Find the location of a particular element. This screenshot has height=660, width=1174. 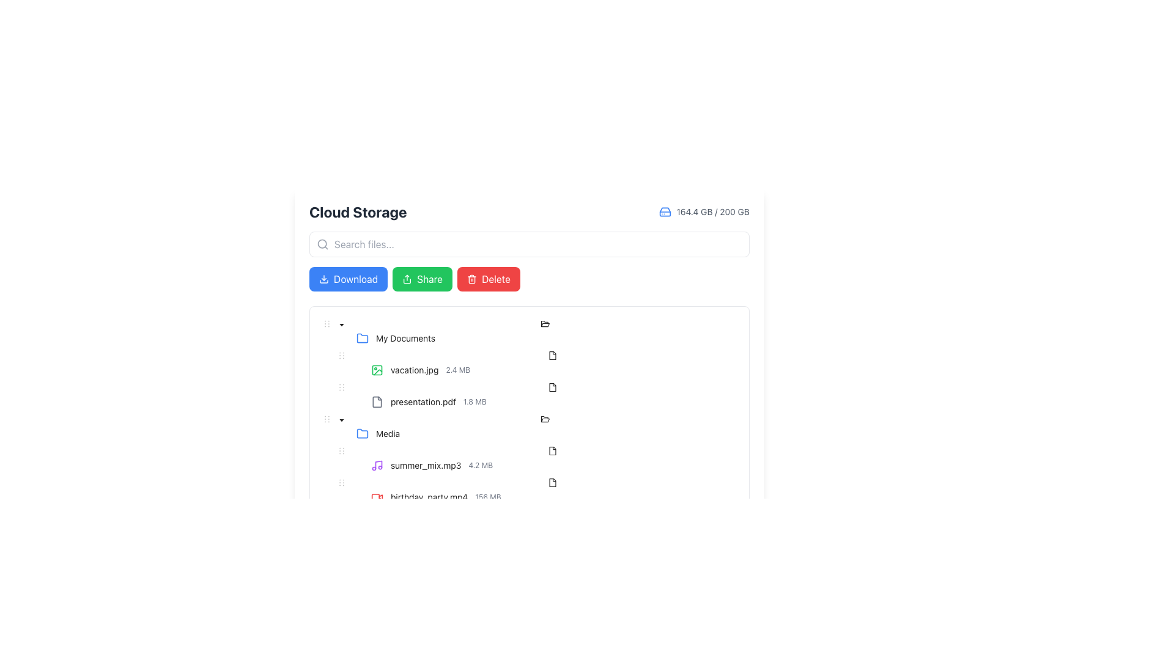

the trashcan icon with a red background located in the 'Delete' button at the far right of the header section is located at coordinates (471, 279).